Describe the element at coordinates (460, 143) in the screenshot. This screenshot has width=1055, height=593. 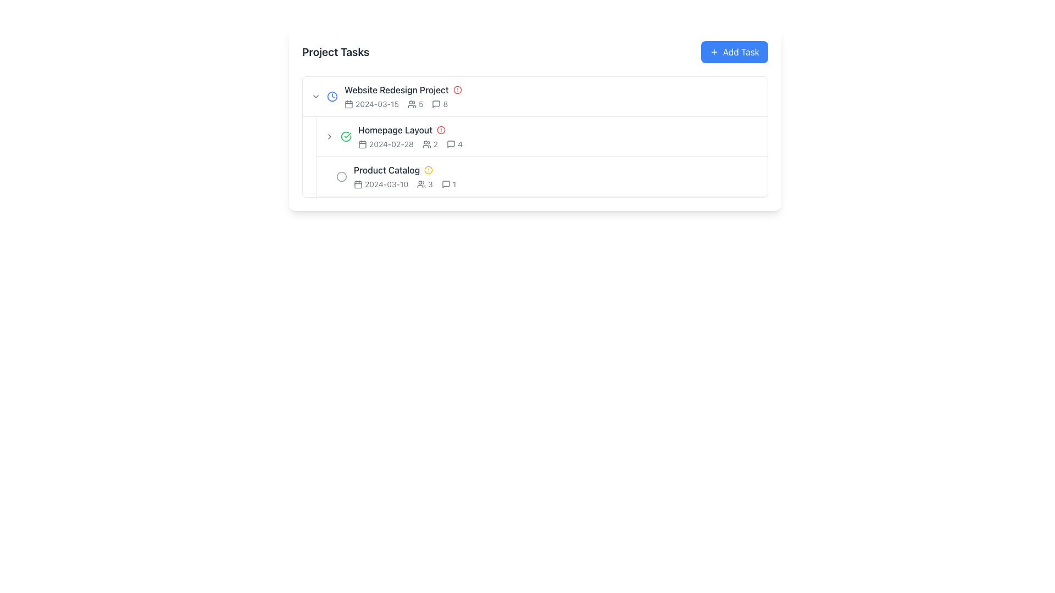
I see `the Counter Label indicating the number of comments or messages associated with the 'Homepage Layout' task, which is located to the right of a speech bubble icon and below the 'Website Redesign Project' row` at that location.